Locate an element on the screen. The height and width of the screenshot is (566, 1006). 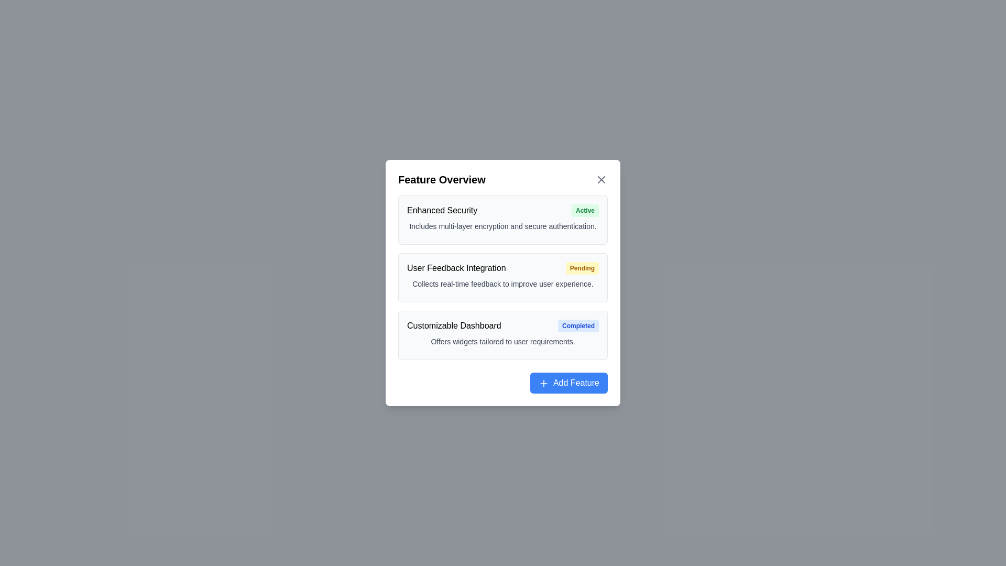
status badge indicating the completion of the 'Customizable Dashboard' feature, located in the lower section of the 'Feature Overview' modal, aligned with the corresponding text on the same row is located at coordinates (578, 325).